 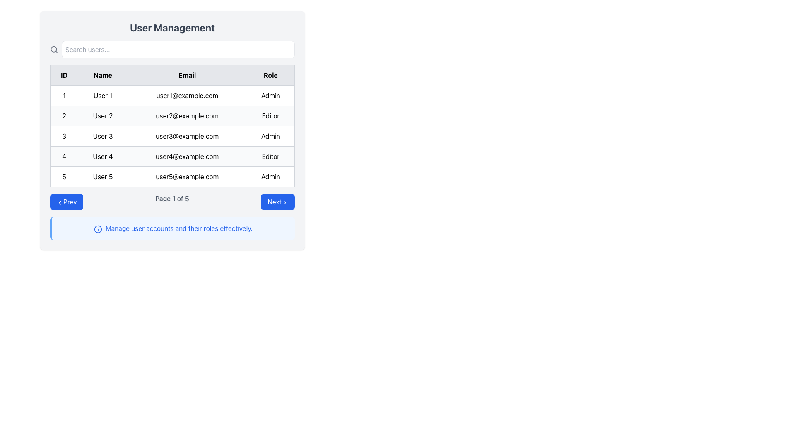 I want to click on the Text Label element displaying the email address 'user3@example.com', which is located in the third row of the table under the 'Email' column, so click(x=187, y=135).